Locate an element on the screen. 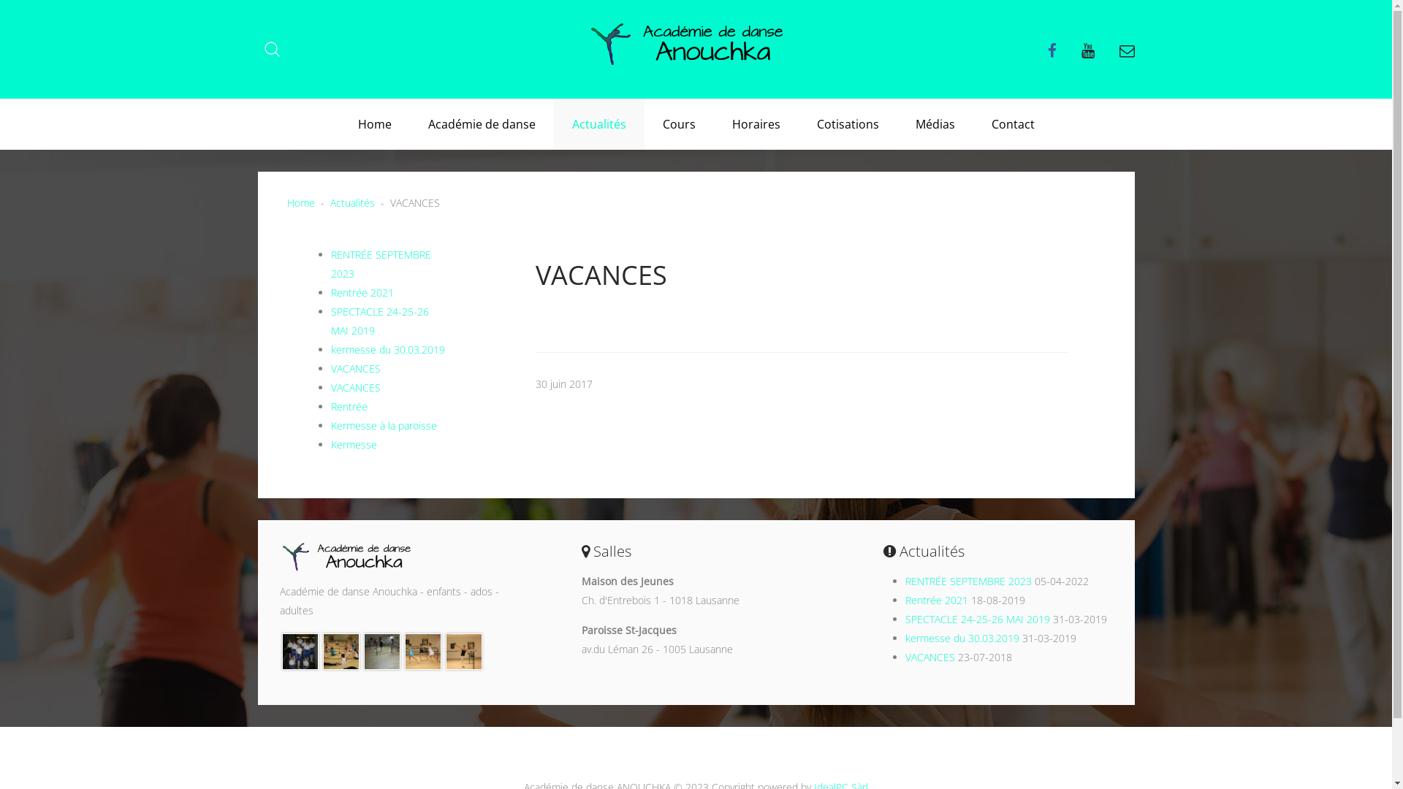 This screenshot has height=789, width=1403. 'Cotisations' is located at coordinates (847, 123).